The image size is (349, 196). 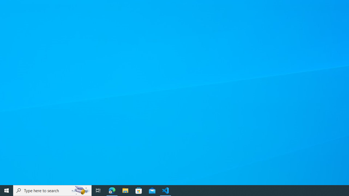 I want to click on 'Visual Studio Code - 1 running window', so click(x=165, y=190).